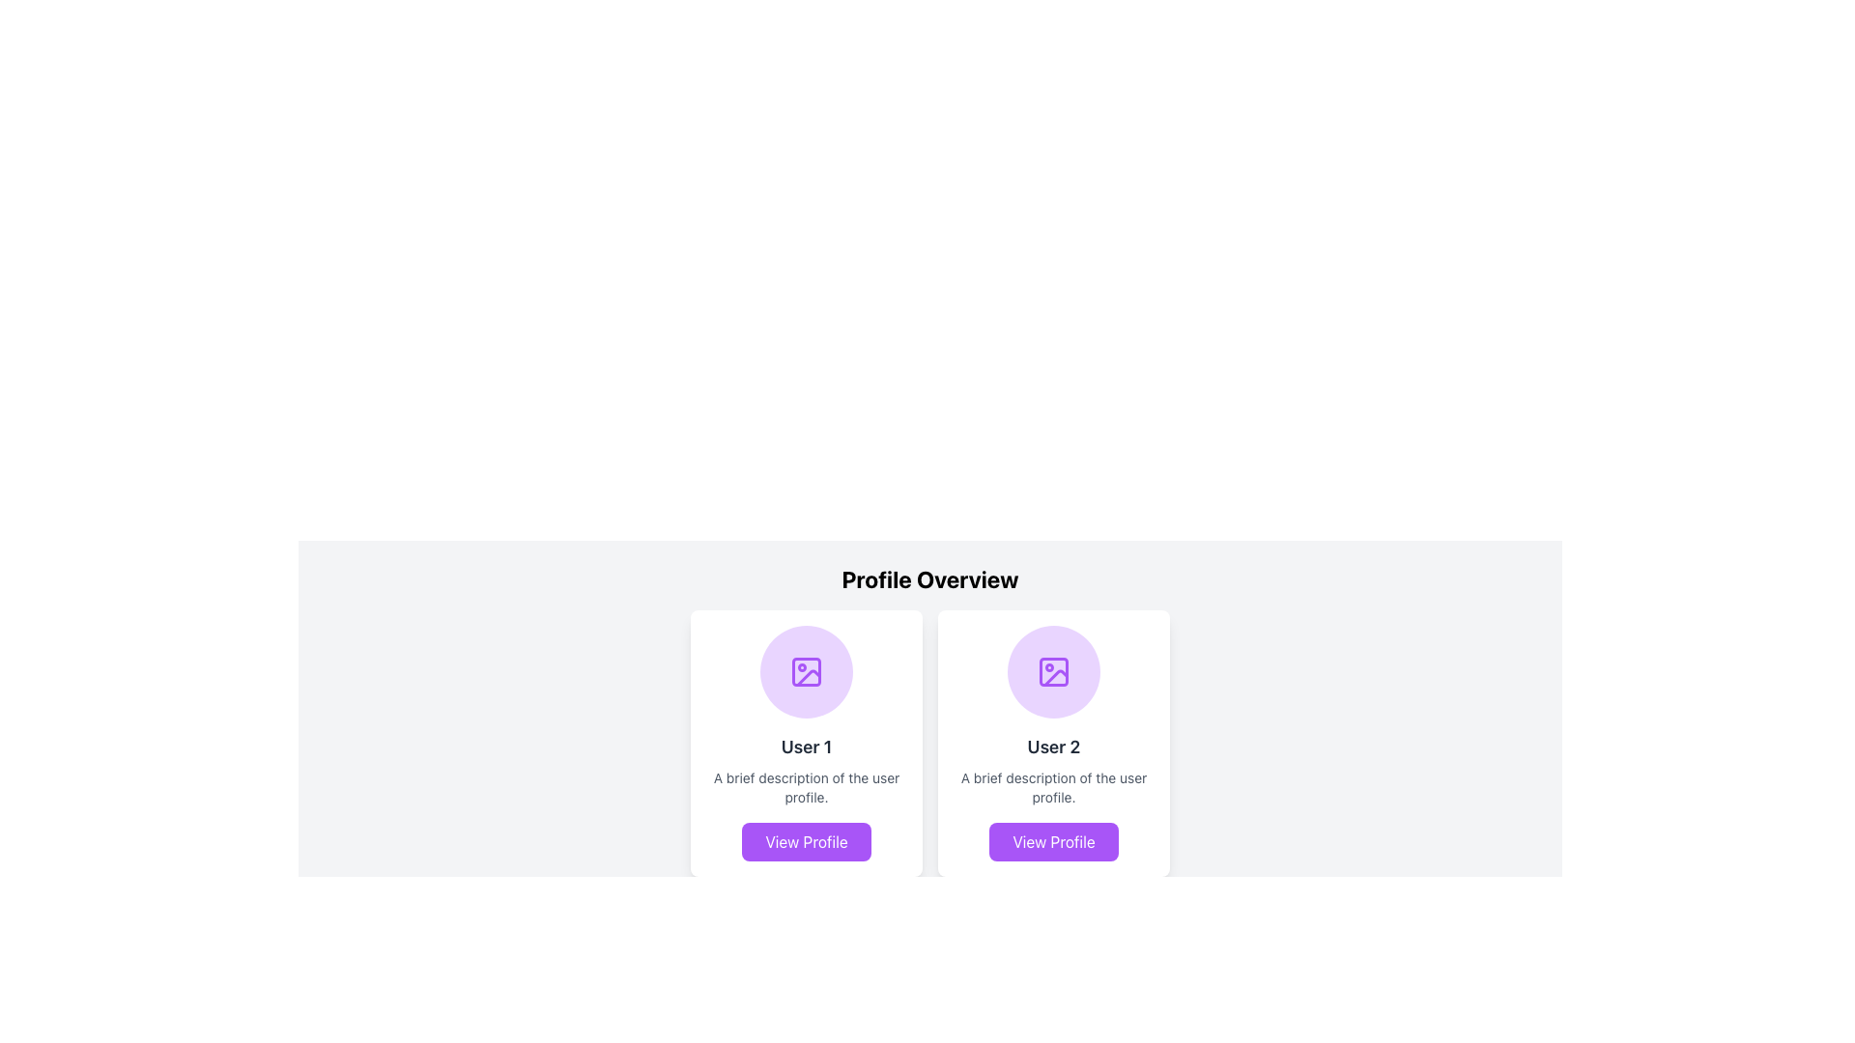 The width and height of the screenshot is (1855, 1043). What do you see at coordinates (807, 788) in the screenshot?
I see `the Text Label providing supplementary information about the user profile, located centrally below the 'User 1' title and above the 'View Profile' button in the left card of a two-card layout` at bounding box center [807, 788].